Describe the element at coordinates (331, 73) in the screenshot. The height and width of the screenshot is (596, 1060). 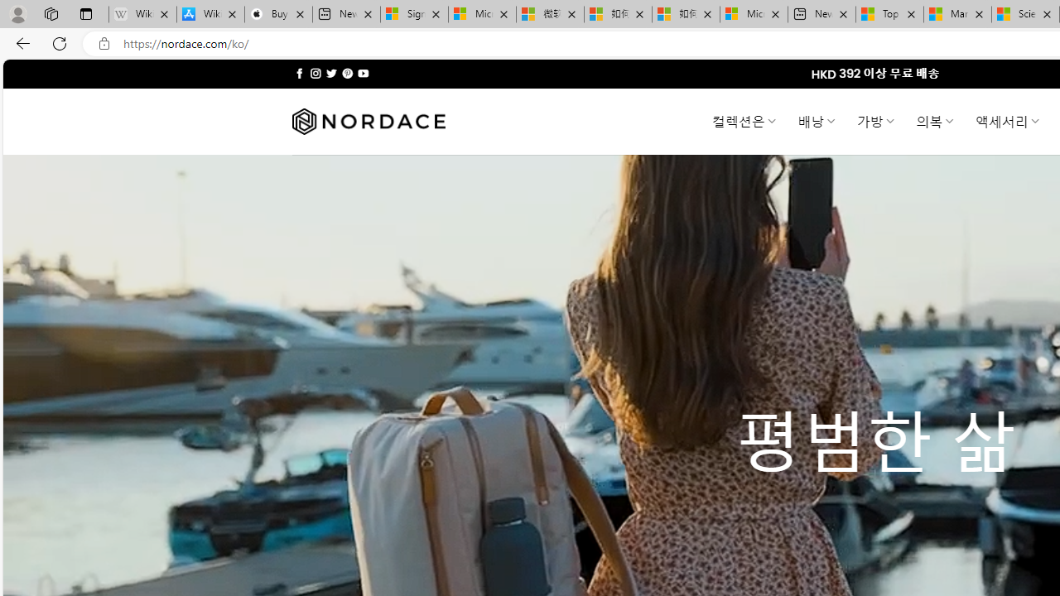
I see `'Follow on Twitter'` at that location.